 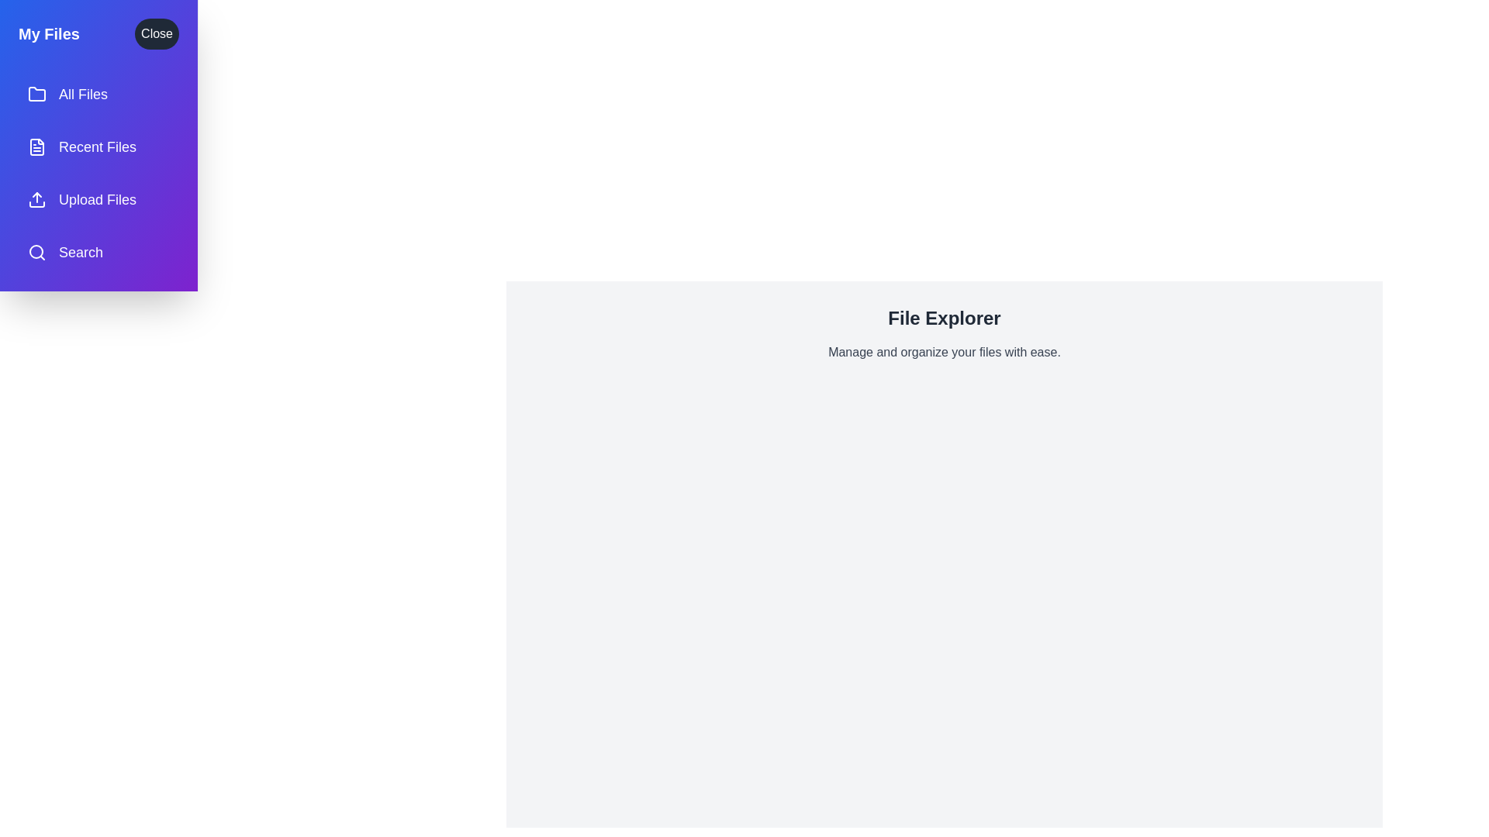 I want to click on the menu item Recent Files to observe the hover effect, so click(x=98, y=146).